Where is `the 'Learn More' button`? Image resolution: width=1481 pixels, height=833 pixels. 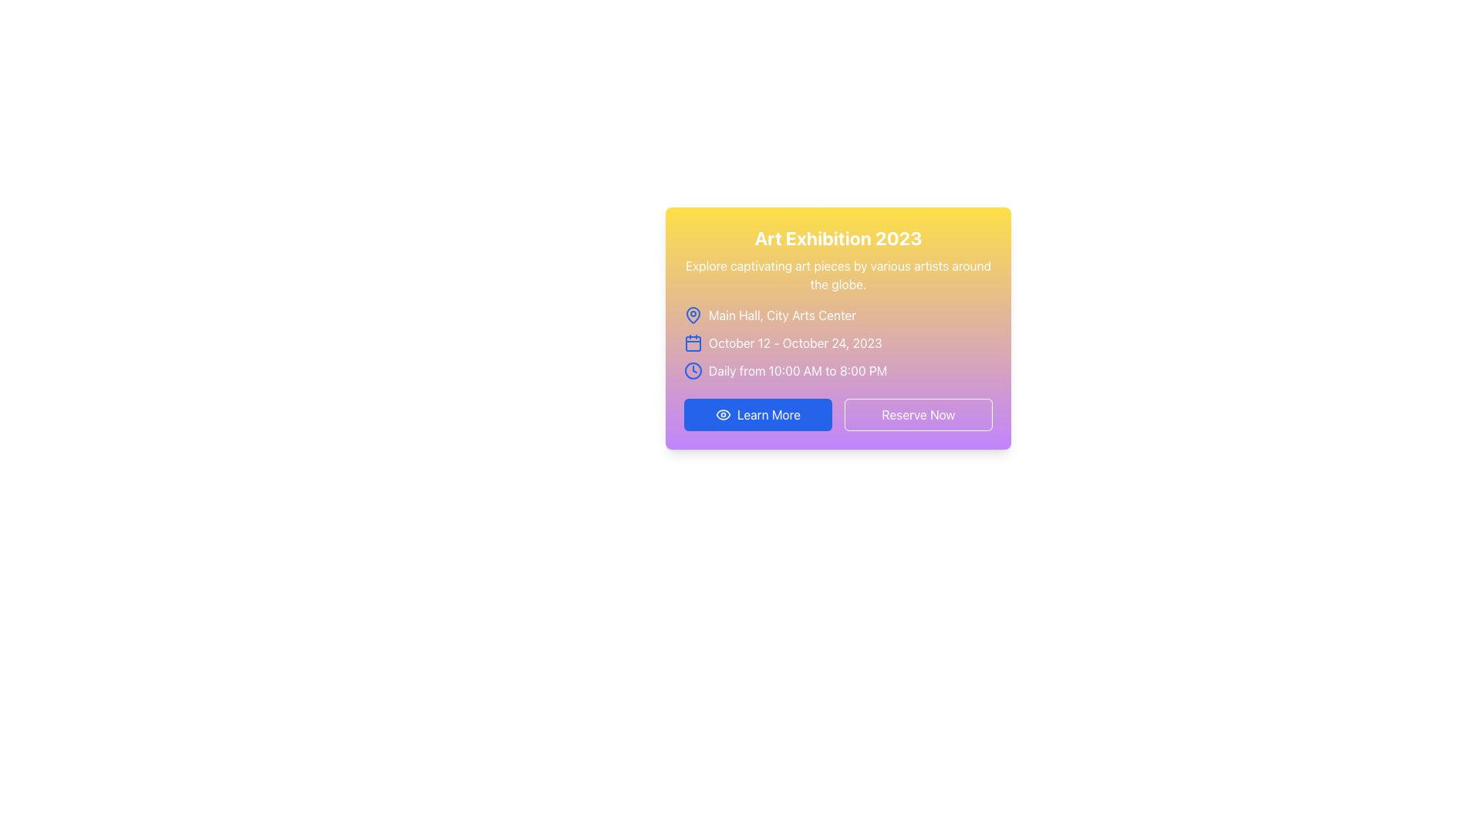
the 'Learn More' button is located at coordinates (758, 413).